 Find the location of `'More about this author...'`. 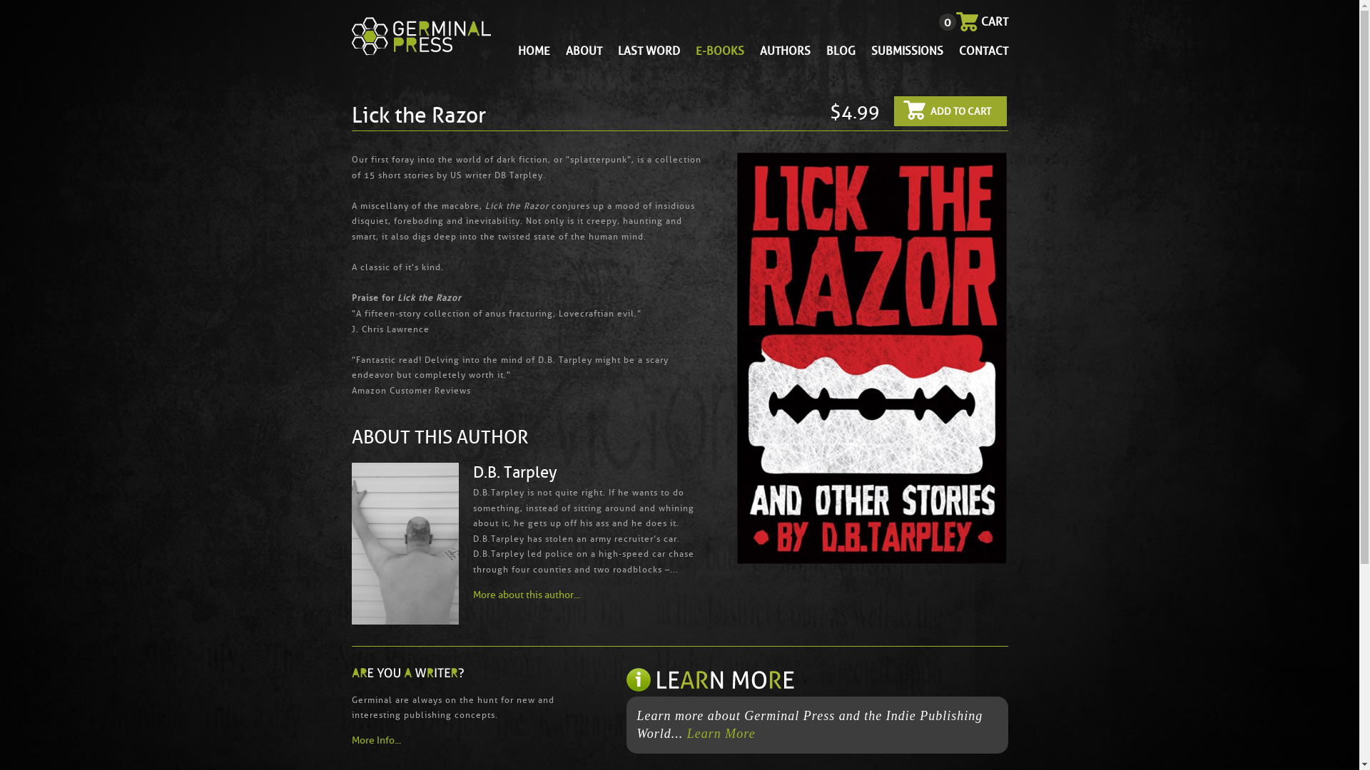

'More about this author...' is located at coordinates (525, 595).